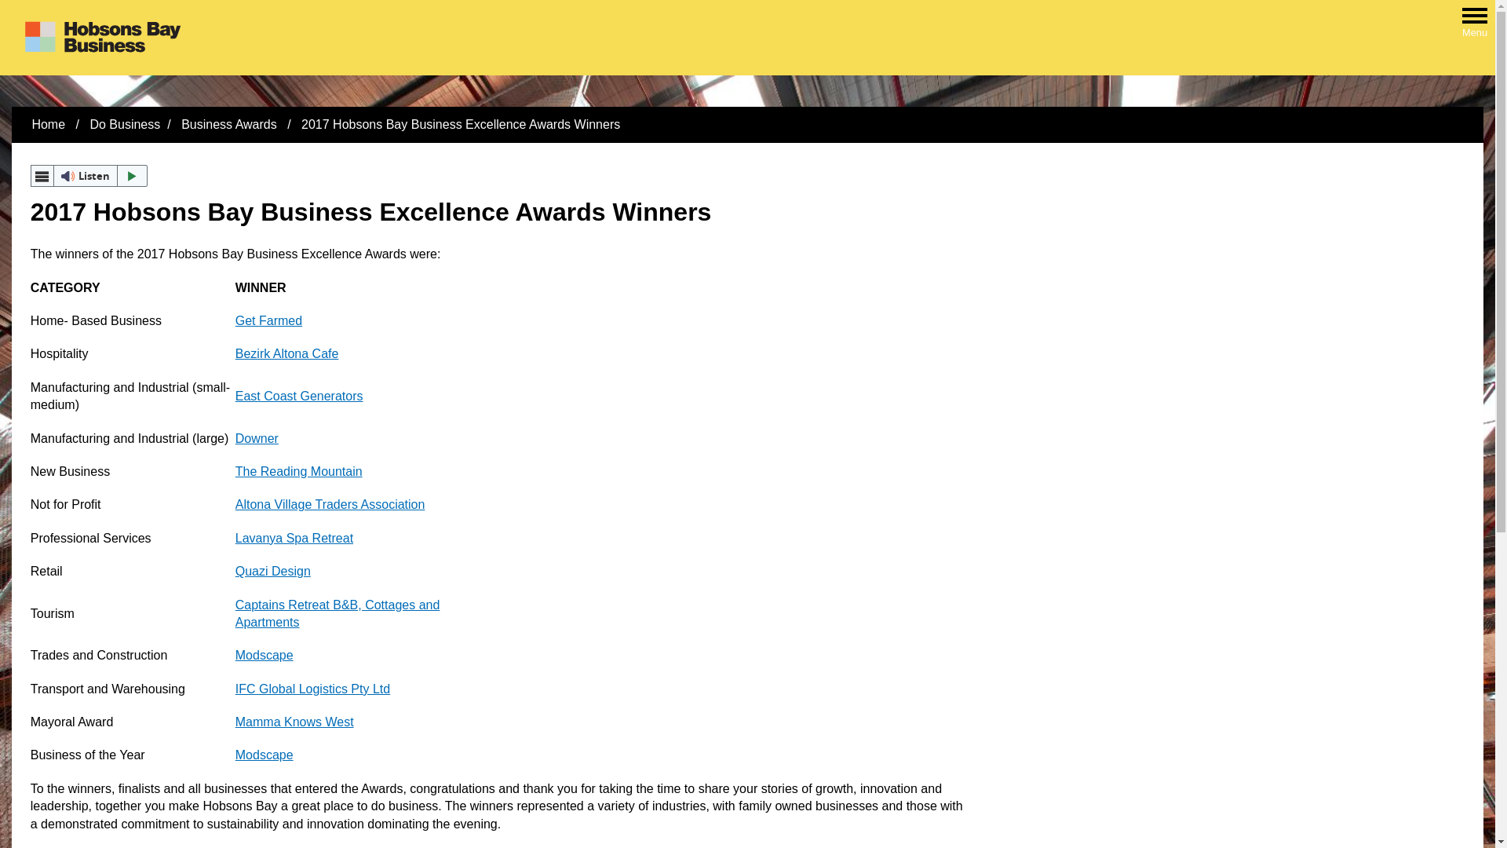 This screenshot has height=848, width=1507. I want to click on 'The Reading Mountain', so click(298, 470).